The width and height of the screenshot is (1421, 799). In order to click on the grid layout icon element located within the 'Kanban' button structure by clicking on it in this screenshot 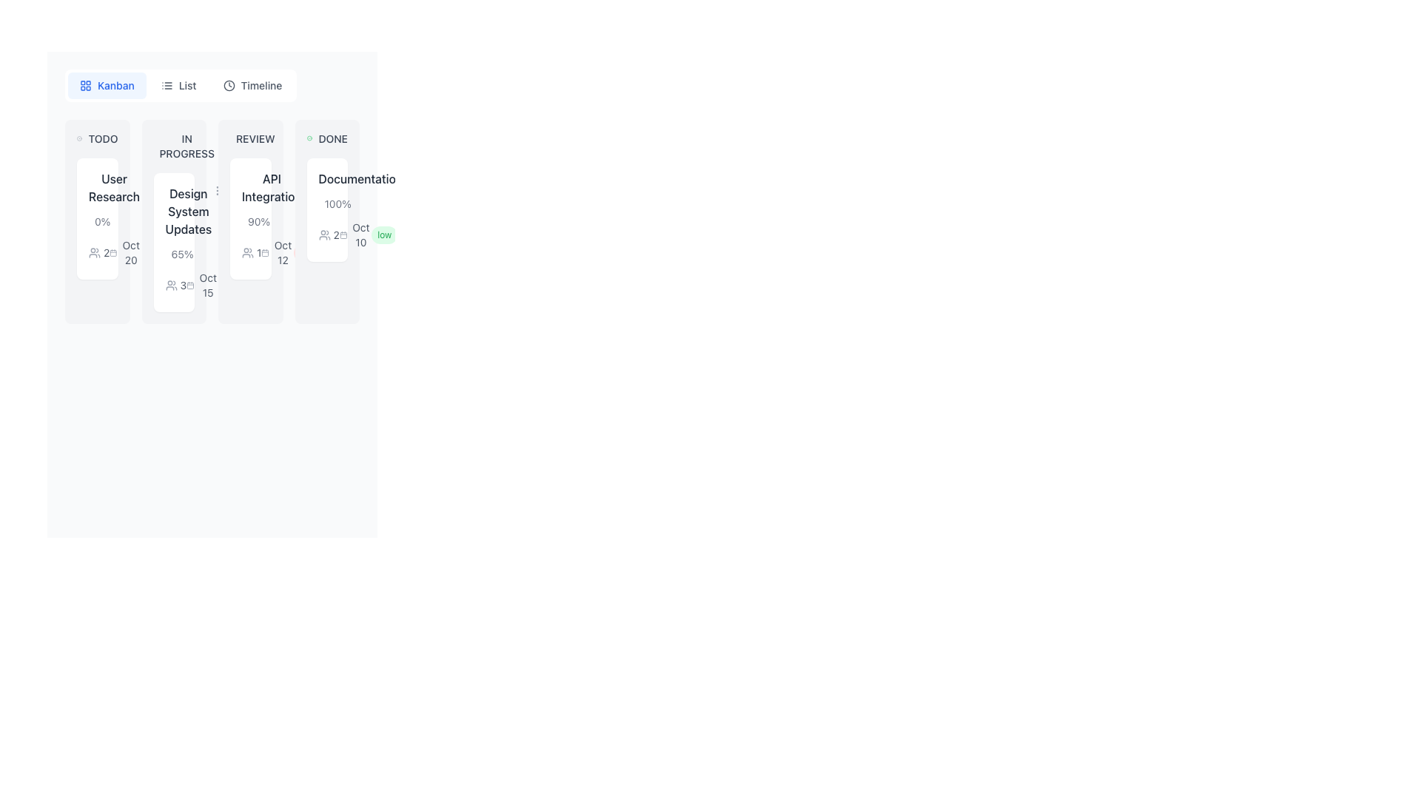, I will do `click(84, 85)`.